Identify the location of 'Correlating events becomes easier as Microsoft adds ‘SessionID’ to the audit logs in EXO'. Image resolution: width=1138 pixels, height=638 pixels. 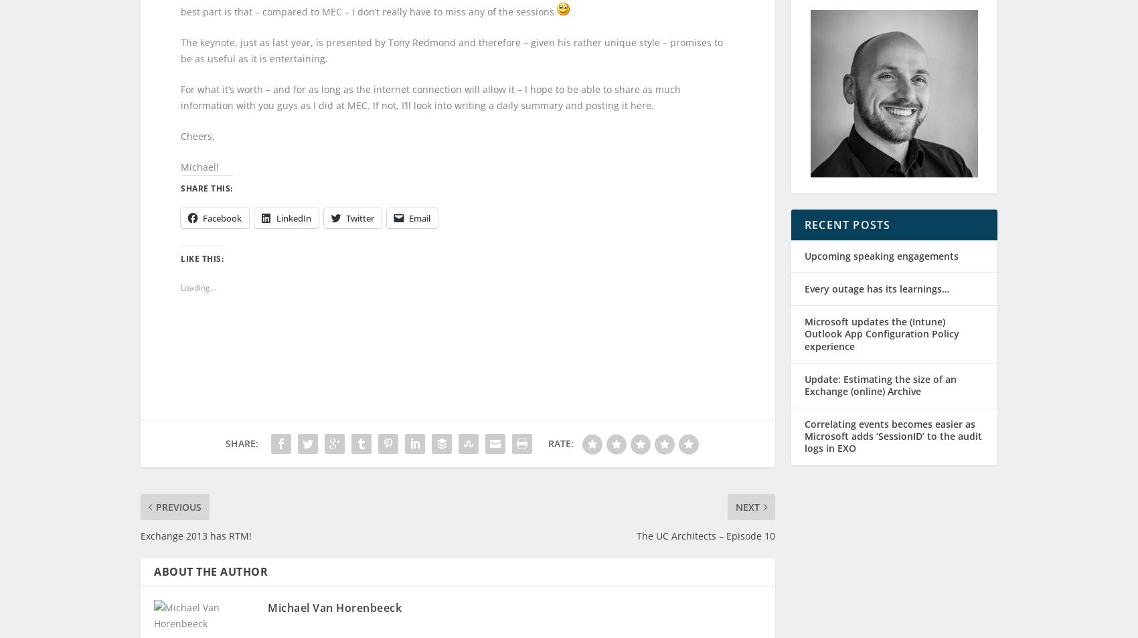
(893, 449).